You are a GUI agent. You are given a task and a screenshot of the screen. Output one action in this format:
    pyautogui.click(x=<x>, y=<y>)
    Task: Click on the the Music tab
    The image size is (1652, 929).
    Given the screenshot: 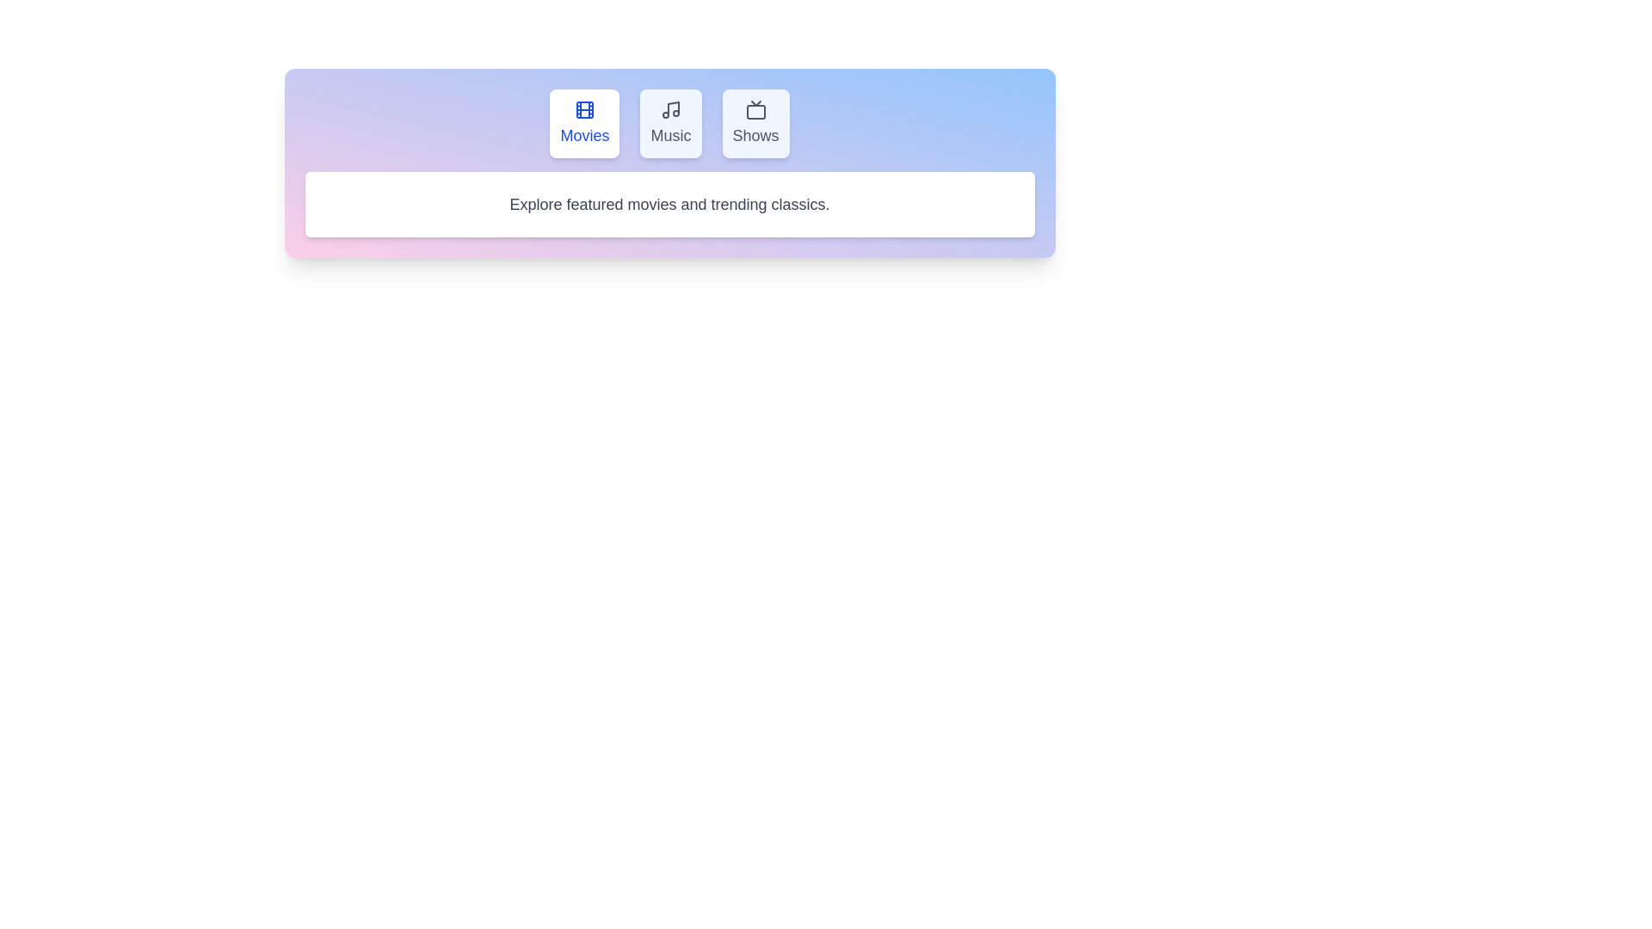 What is the action you would take?
    pyautogui.click(x=669, y=122)
    